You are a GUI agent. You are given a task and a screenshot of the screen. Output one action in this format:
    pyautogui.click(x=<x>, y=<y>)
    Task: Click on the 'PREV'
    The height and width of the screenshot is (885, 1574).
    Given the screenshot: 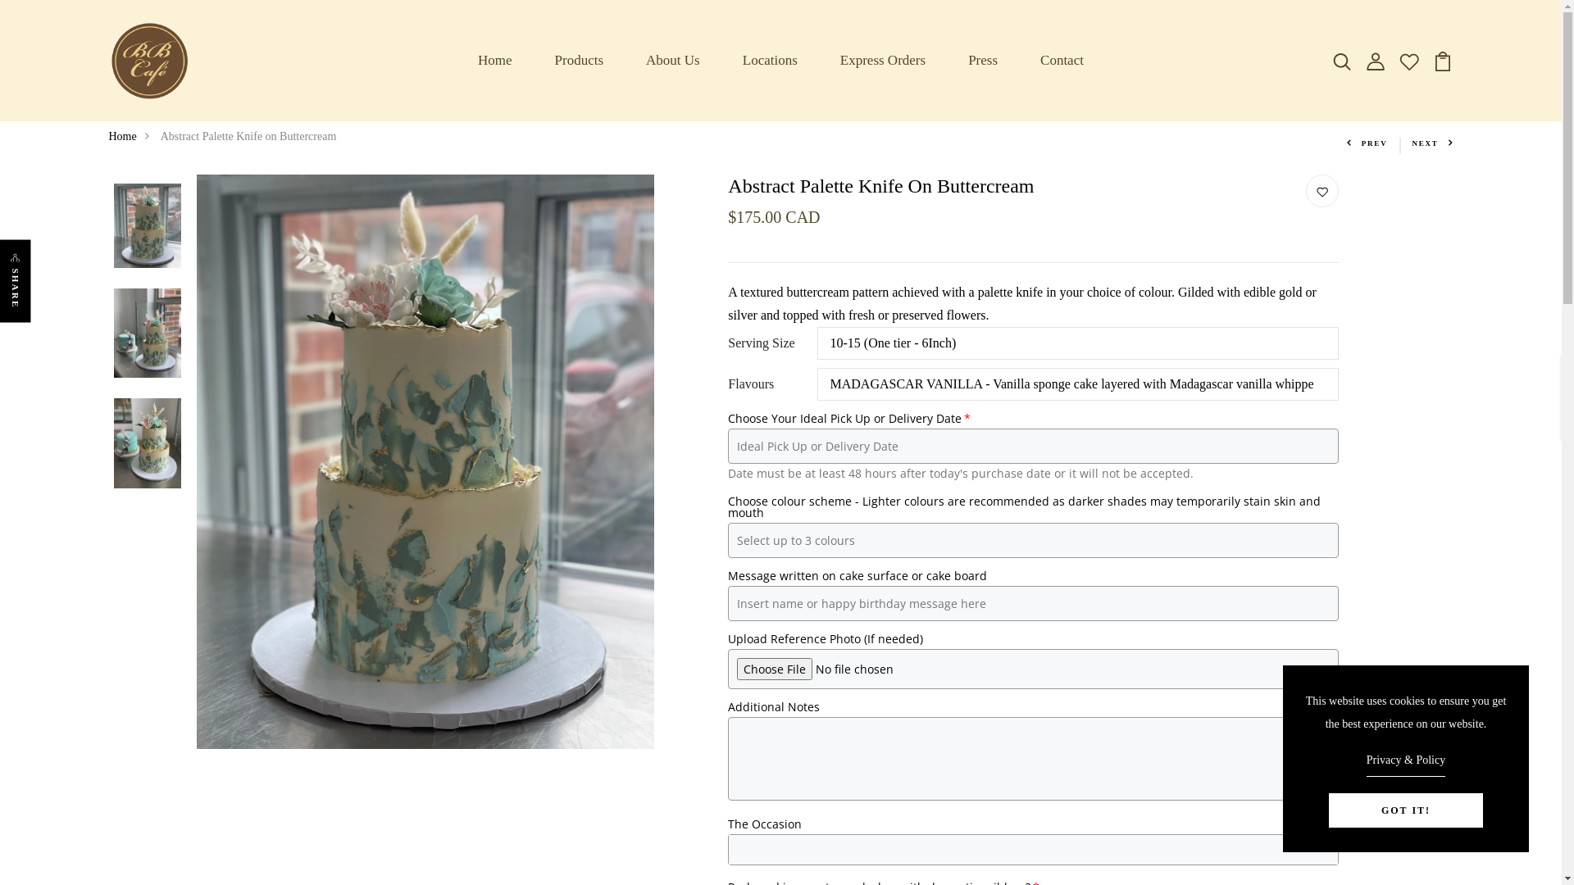 What is the action you would take?
    pyautogui.click(x=1367, y=142)
    